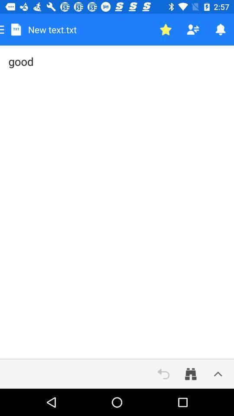  Describe the element at coordinates (191, 374) in the screenshot. I see `search` at that location.